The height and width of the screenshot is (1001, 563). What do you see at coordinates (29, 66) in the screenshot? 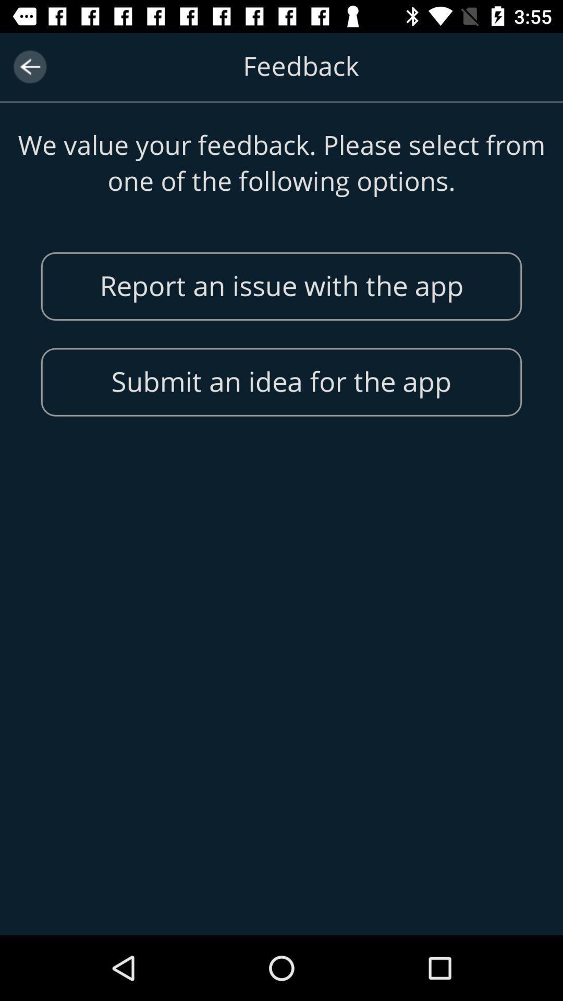
I see `the arrow_backward icon` at bounding box center [29, 66].